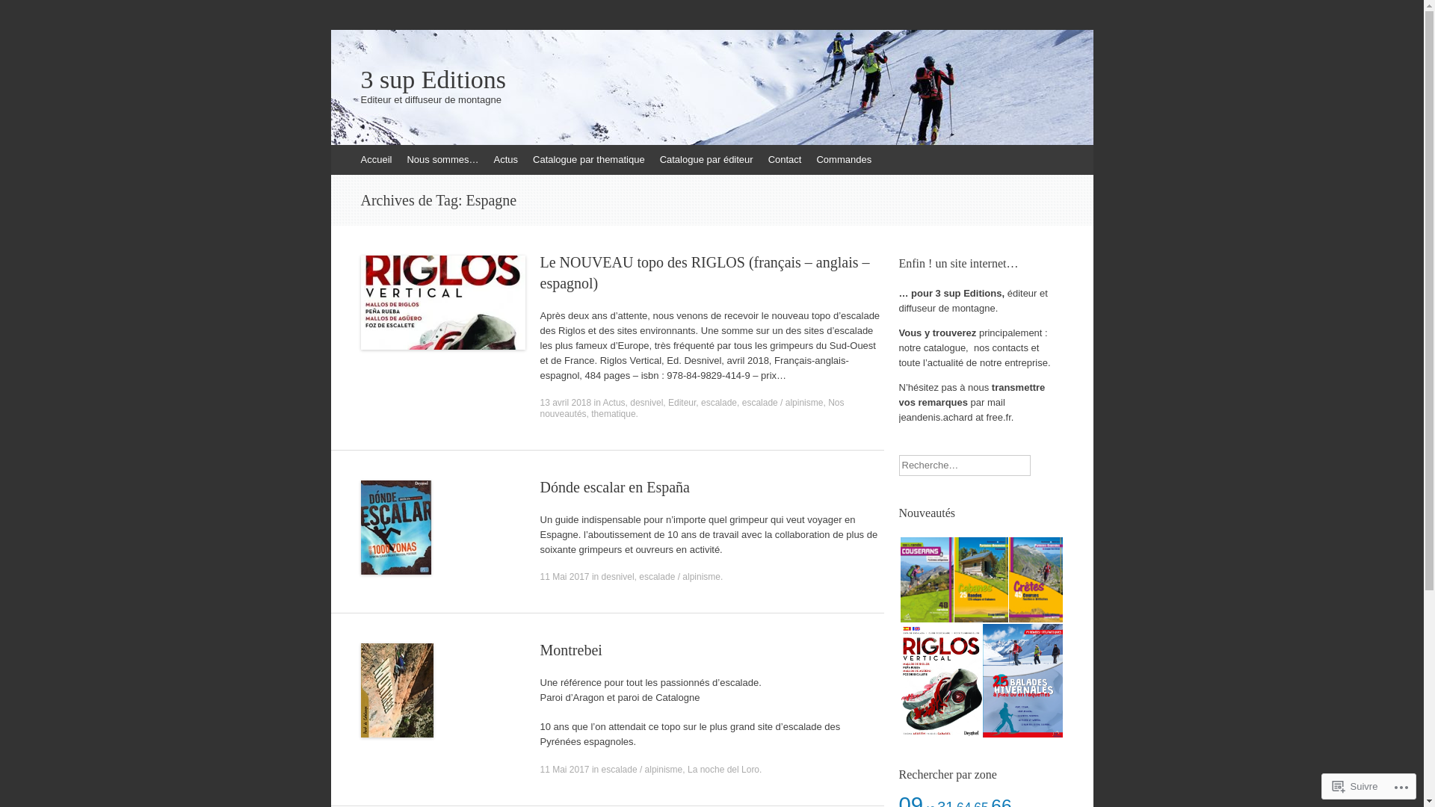 The width and height of the screenshot is (1435, 807). What do you see at coordinates (376, 159) in the screenshot?
I see `'Accueil'` at bounding box center [376, 159].